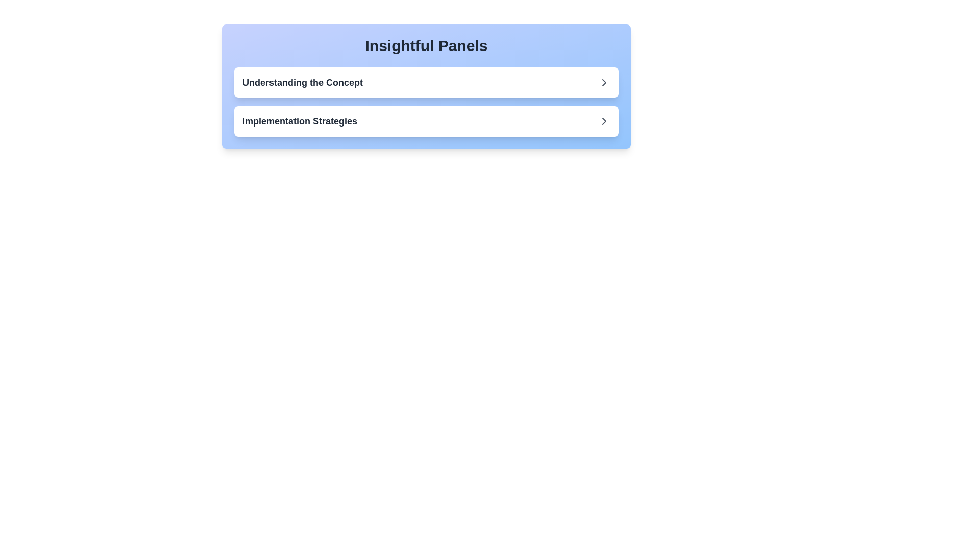 Image resolution: width=980 pixels, height=551 pixels. I want to click on the right-pointing gray arrow icon in the second list item of 'Insightful Panels', so click(604, 82).